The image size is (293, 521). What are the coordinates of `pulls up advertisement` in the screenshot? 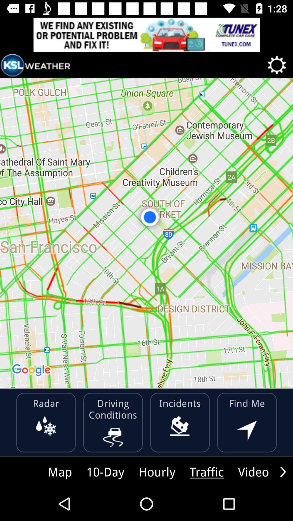 It's located at (146, 34).